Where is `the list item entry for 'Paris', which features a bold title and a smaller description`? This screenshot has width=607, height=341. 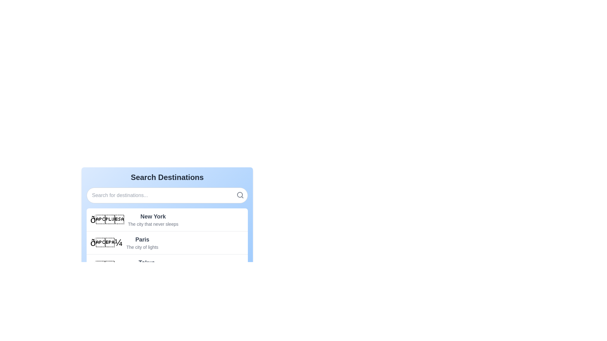 the list item entry for 'Paris', which features a bold title and a smaller description is located at coordinates (167, 242).